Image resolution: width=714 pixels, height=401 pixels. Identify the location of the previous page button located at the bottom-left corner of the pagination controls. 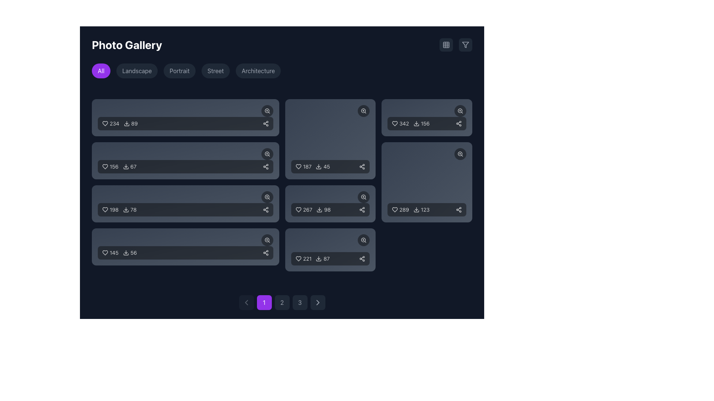
(246, 302).